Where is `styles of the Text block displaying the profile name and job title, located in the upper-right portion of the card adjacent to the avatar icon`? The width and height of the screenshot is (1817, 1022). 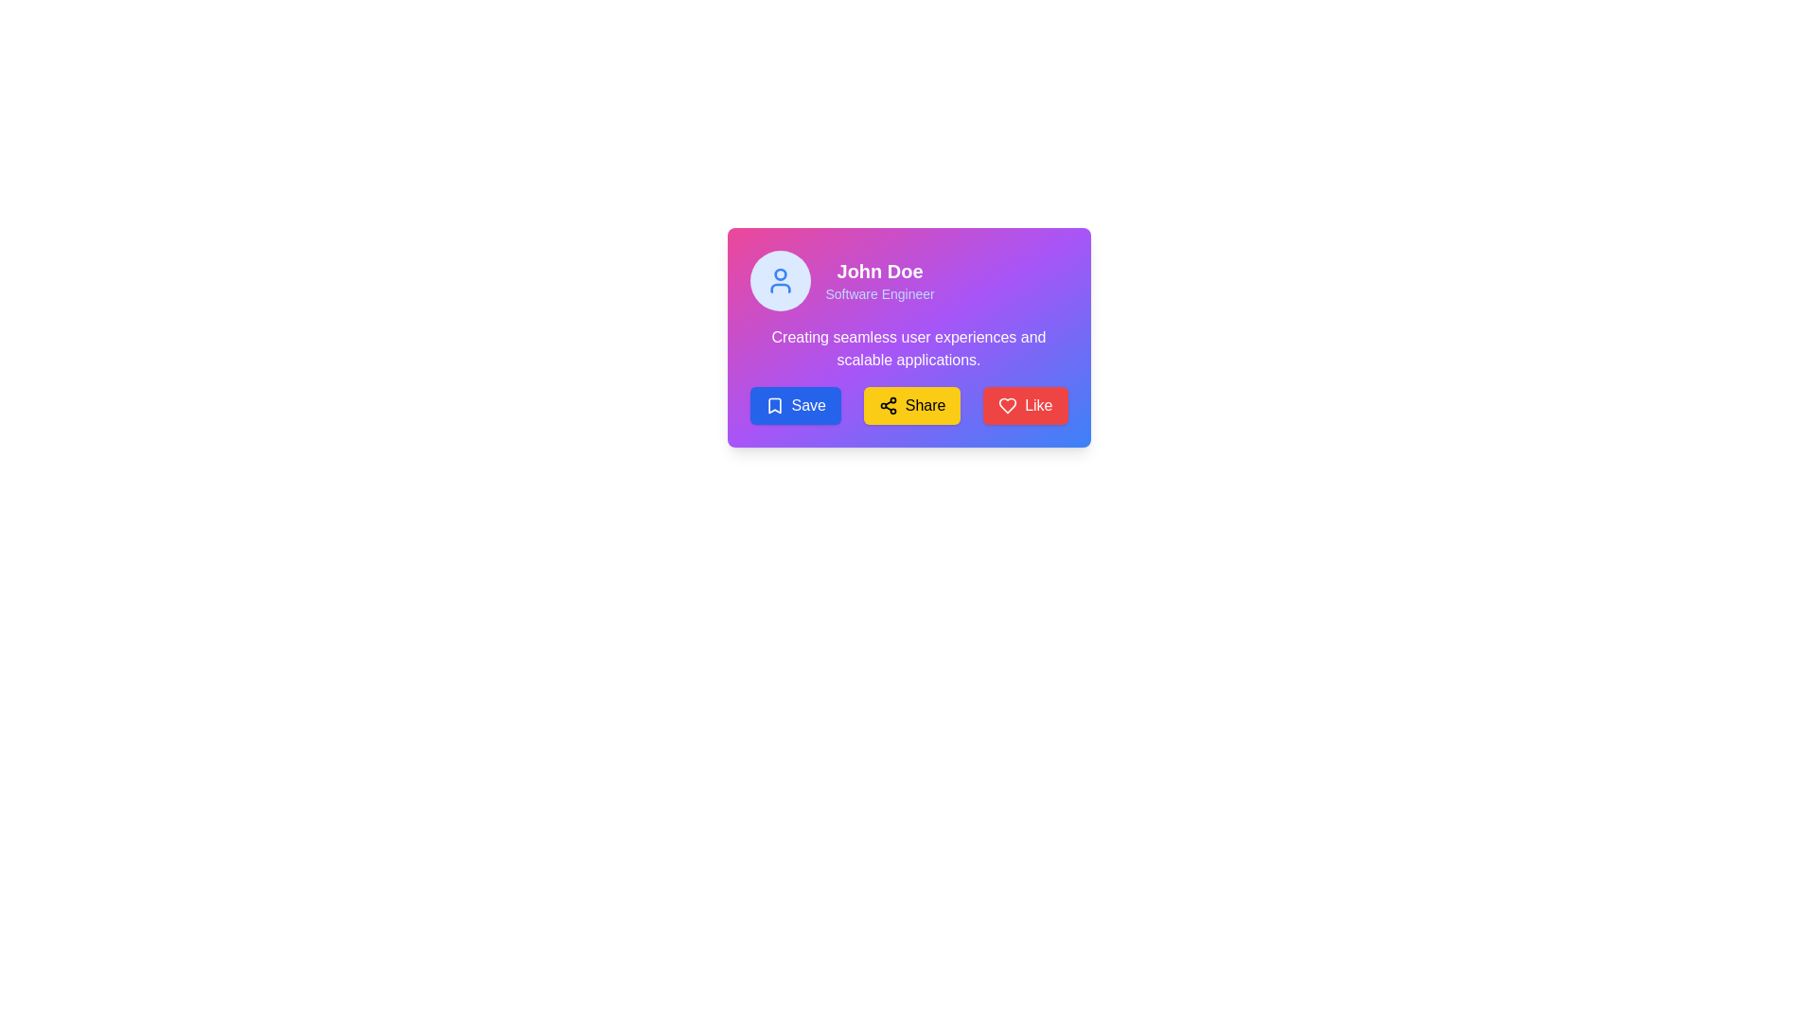
styles of the Text block displaying the profile name and job title, located in the upper-right portion of the card adjacent to the avatar icon is located at coordinates (879, 281).